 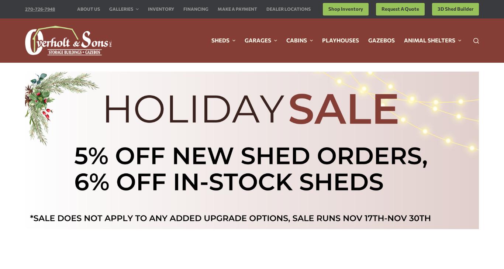 What do you see at coordinates (213, 158) in the screenshot?
I see `'Request A Free Quote'` at bounding box center [213, 158].